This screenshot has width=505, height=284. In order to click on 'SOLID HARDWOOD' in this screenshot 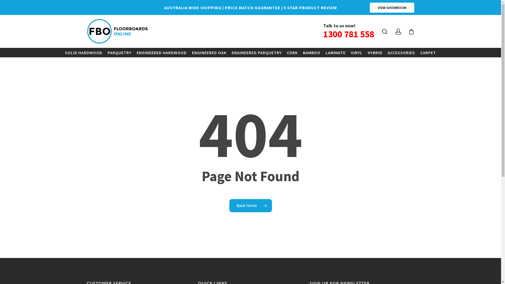, I will do `click(62, 53)`.